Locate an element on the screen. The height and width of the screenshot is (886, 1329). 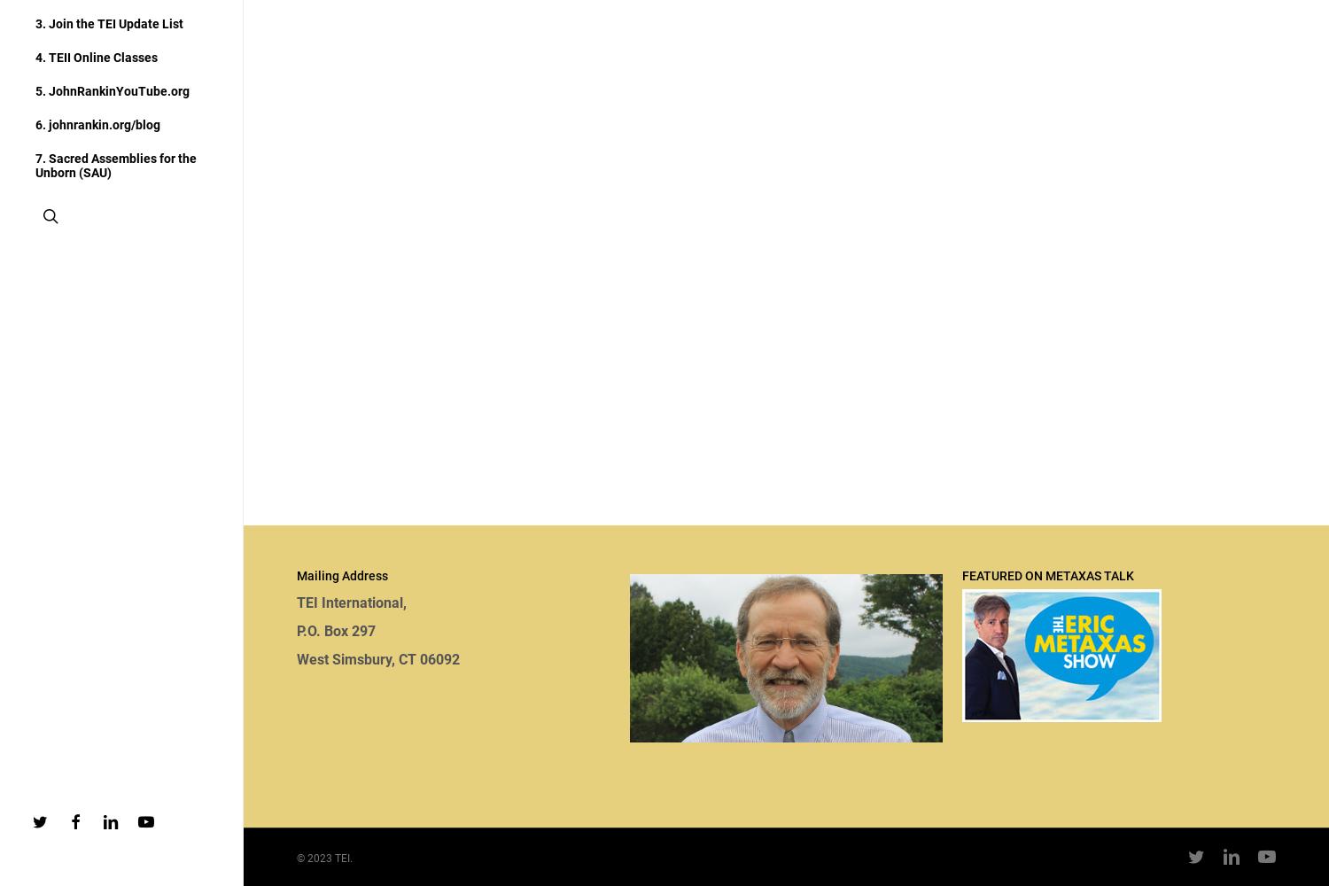
'5. JohnRankinYouTube.org' is located at coordinates (35, 90).